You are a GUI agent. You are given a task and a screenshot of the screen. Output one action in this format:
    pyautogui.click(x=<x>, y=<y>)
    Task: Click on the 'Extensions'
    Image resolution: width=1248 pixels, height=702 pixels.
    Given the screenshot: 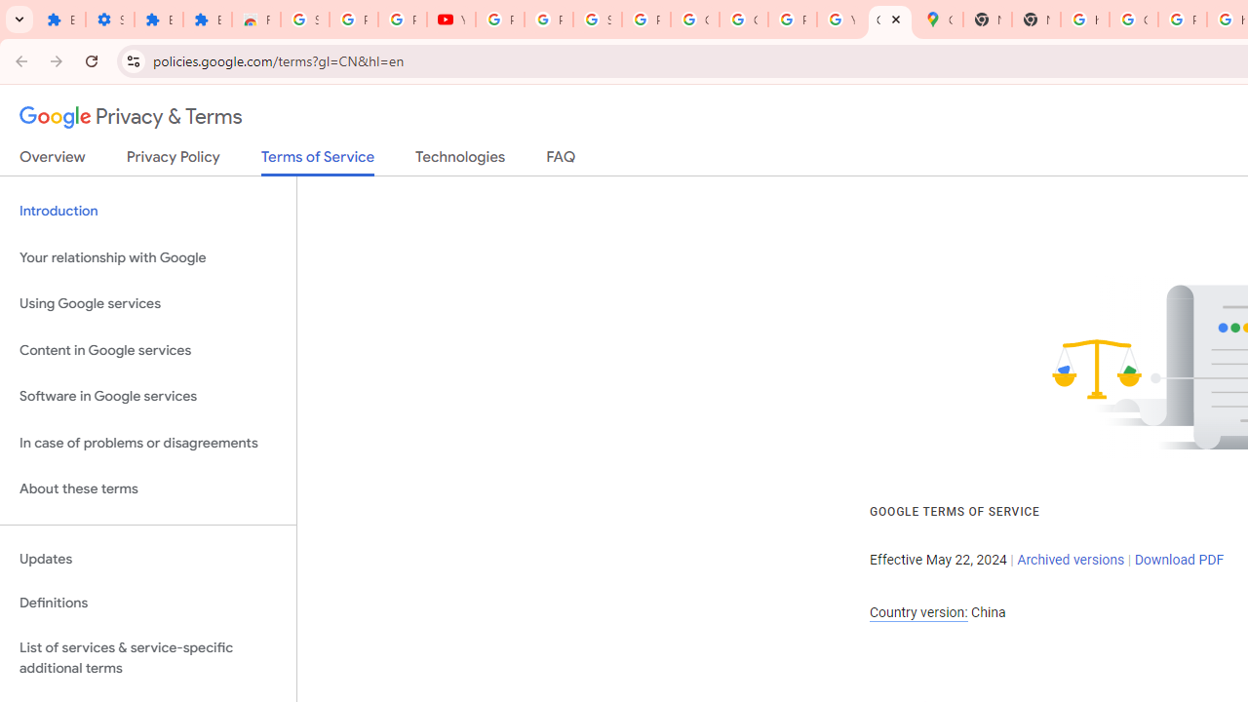 What is the action you would take?
    pyautogui.click(x=159, y=19)
    